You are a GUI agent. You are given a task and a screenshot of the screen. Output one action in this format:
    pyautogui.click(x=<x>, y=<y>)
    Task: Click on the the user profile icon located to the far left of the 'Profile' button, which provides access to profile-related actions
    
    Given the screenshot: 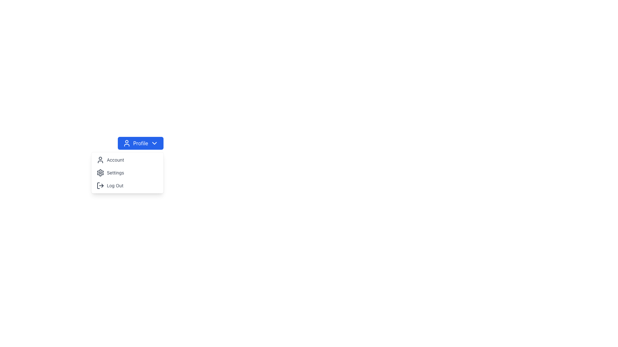 What is the action you would take?
    pyautogui.click(x=126, y=143)
    